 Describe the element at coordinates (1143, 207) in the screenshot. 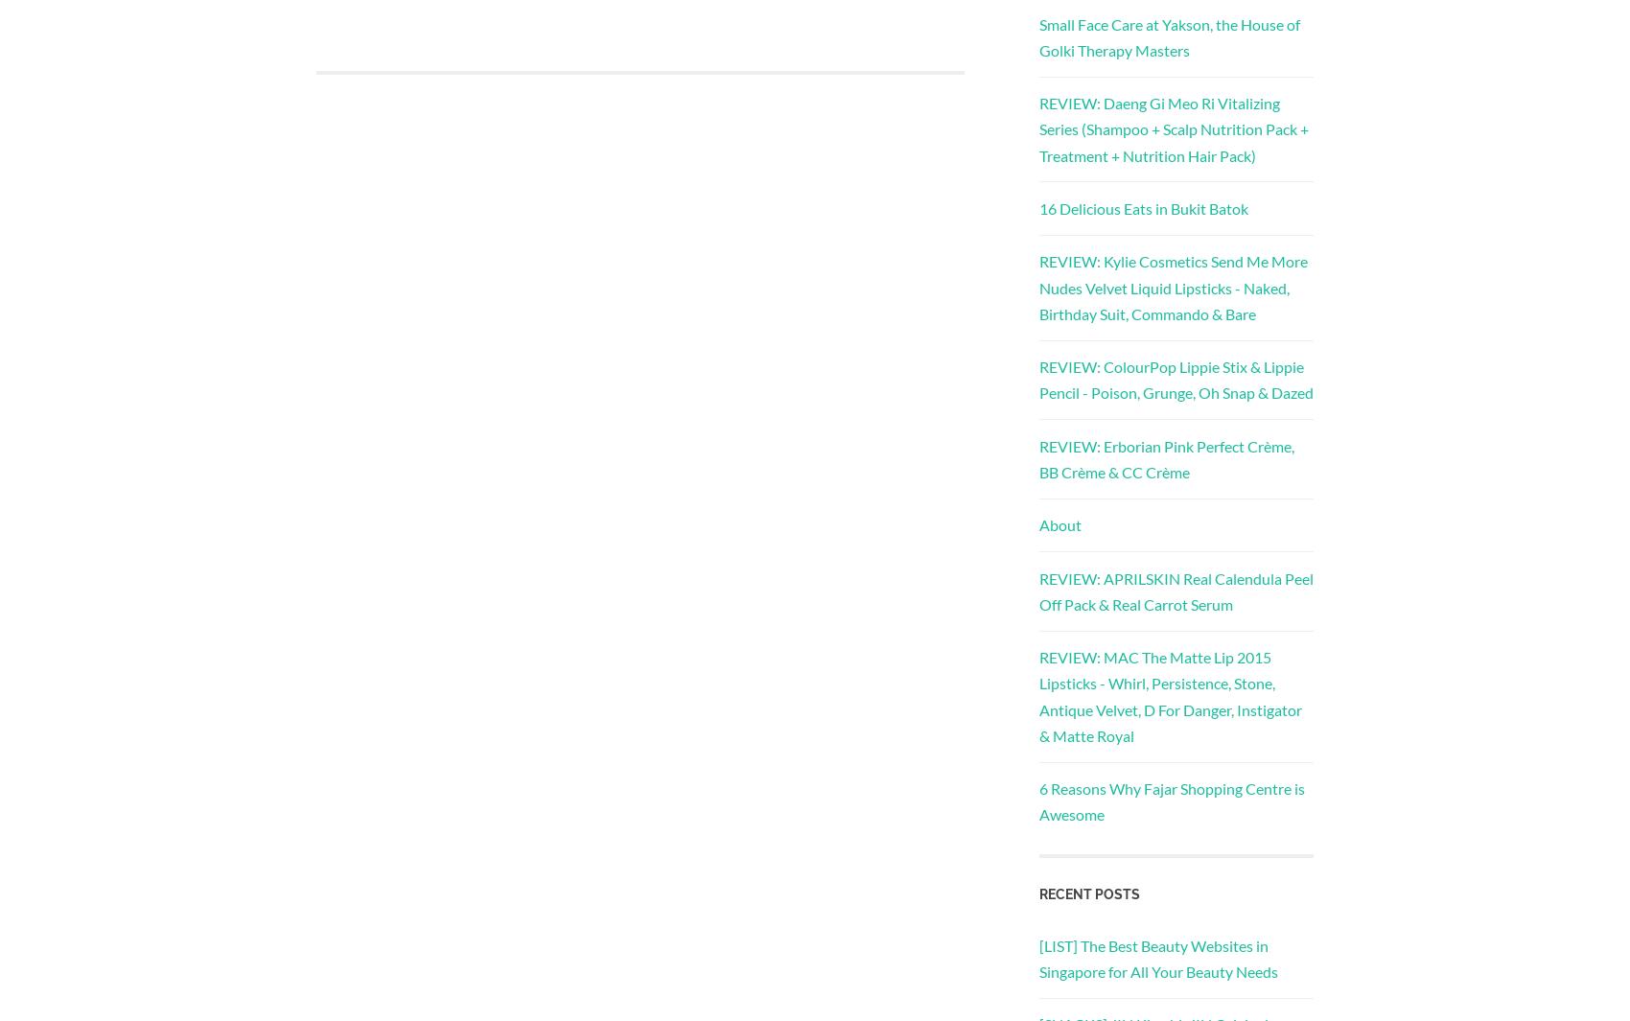

I see `'16 Delicious Eats in Bukit Batok'` at that location.